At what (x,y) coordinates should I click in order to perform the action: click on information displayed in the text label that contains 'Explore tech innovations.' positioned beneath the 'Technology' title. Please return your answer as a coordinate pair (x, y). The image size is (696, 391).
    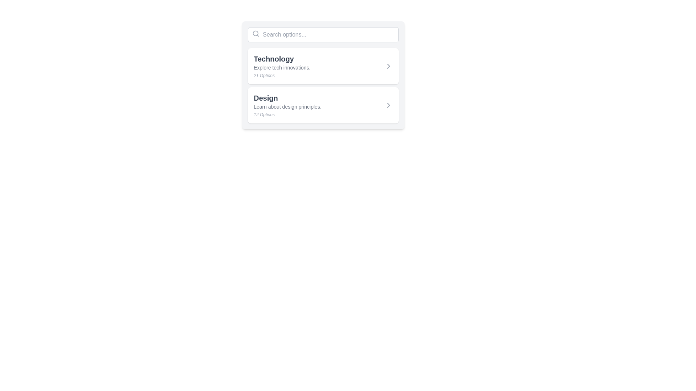
    Looking at the image, I should click on (282, 67).